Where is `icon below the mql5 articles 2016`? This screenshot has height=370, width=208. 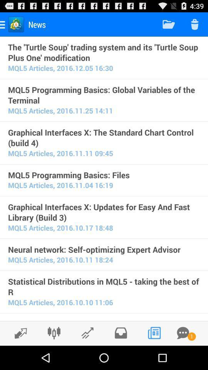
icon below the mql5 articles 2016 is located at coordinates (104, 286).